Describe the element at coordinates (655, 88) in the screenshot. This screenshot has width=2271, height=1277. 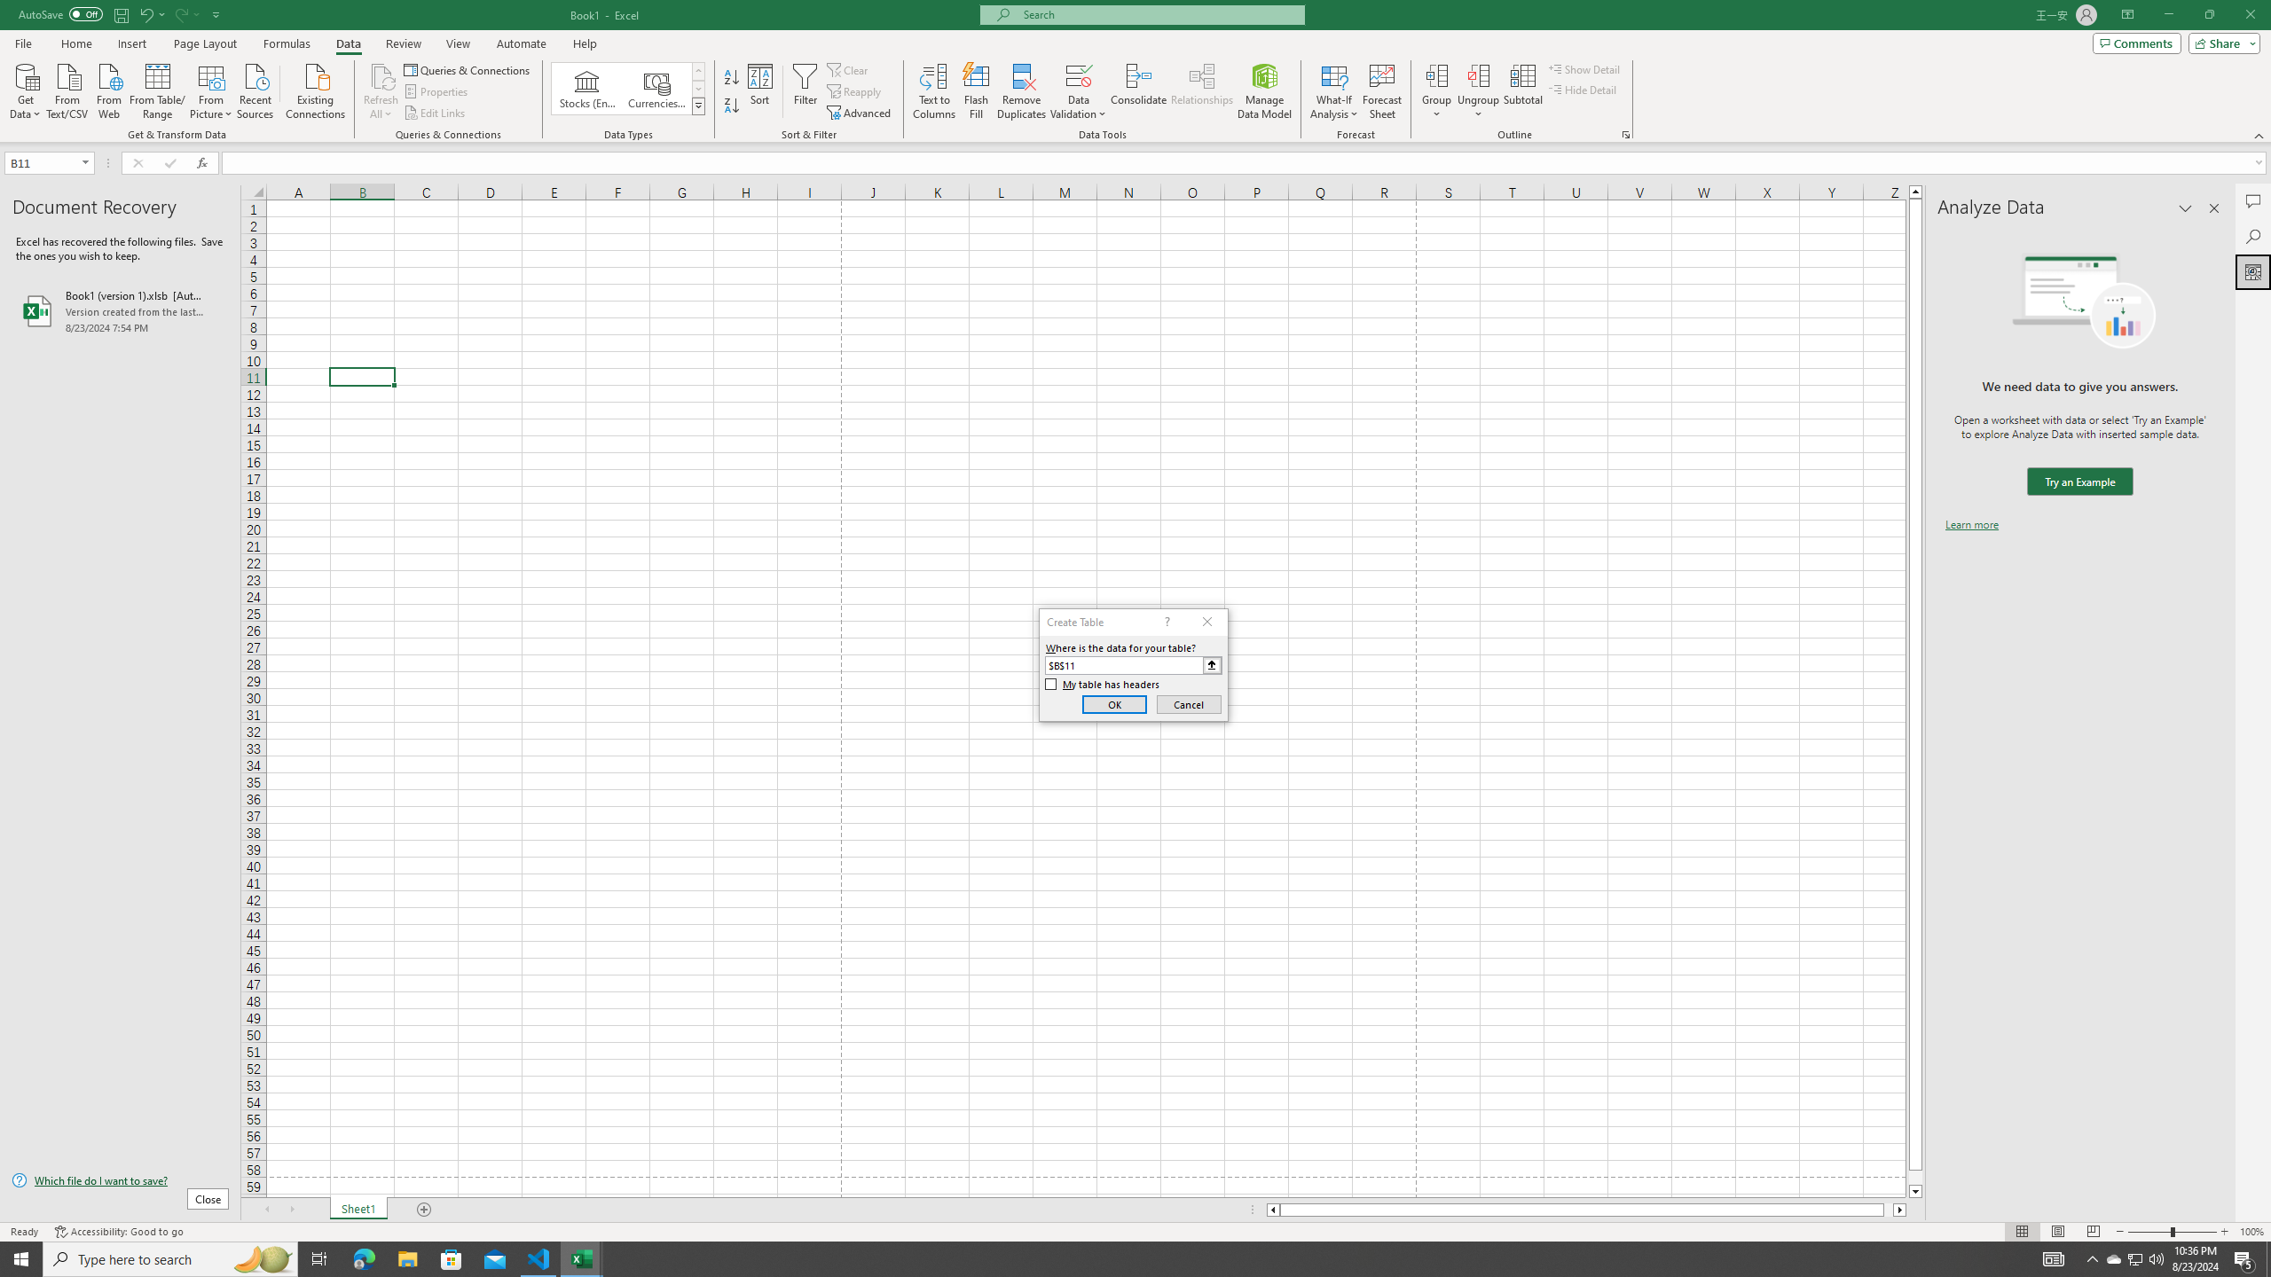
I see `'Currencies (English)'` at that location.